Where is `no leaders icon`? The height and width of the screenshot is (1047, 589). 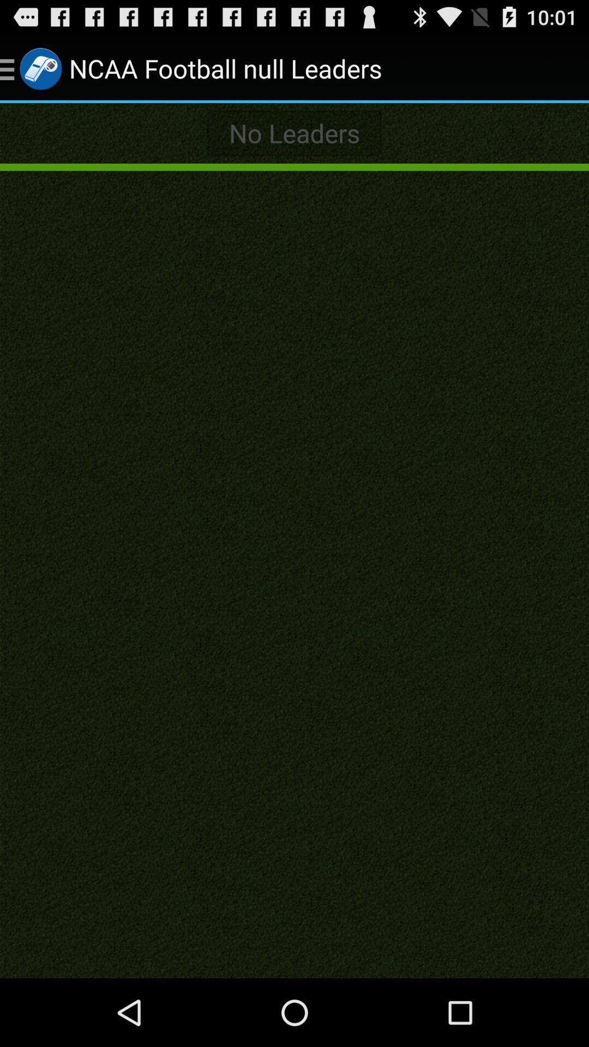 no leaders icon is located at coordinates (294, 133).